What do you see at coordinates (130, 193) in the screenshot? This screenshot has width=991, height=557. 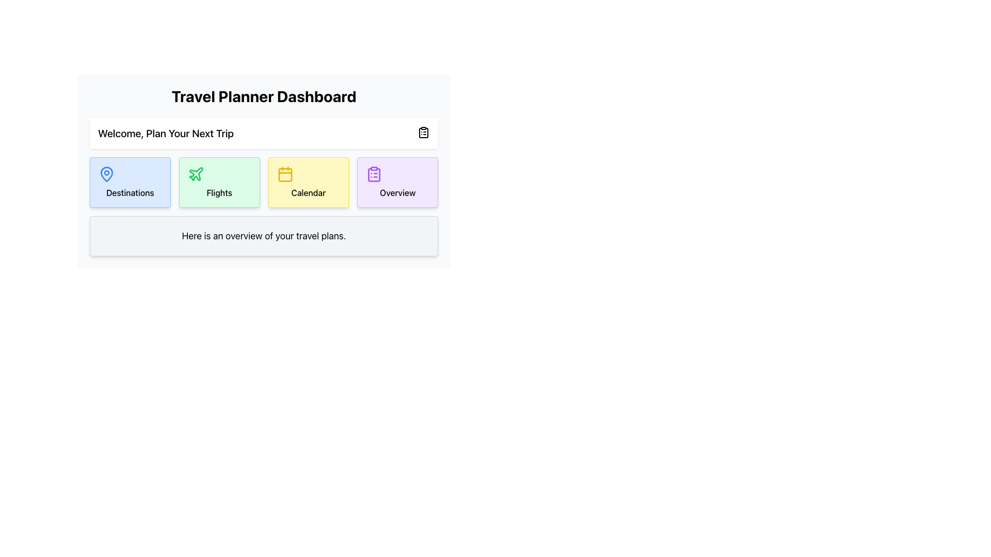 I see `the 'Destinations' text label located within a button-like card that has a light blue background and a blue location pin icon above it, positioned in the top-left of the grid layout` at bounding box center [130, 193].